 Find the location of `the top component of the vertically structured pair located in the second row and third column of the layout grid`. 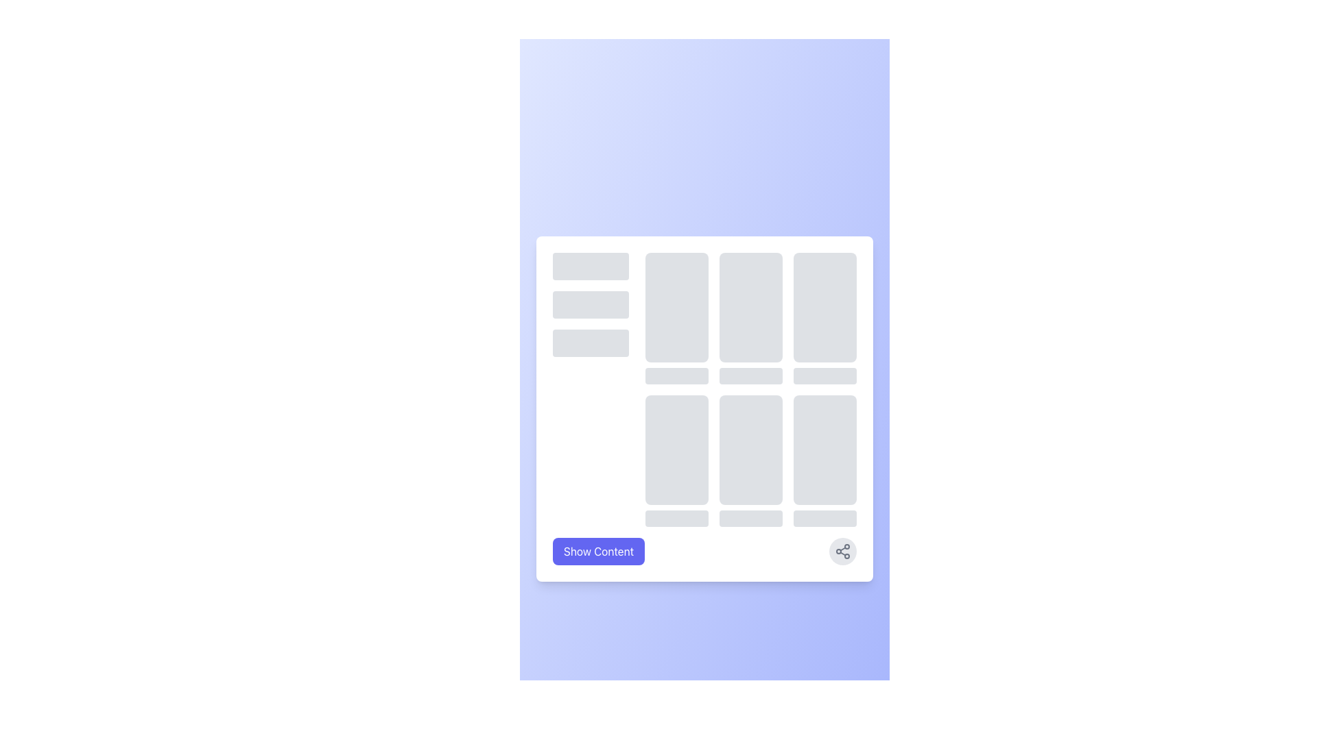

the top component of the vertically structured pair located in the second row and third column of the layout grid is located at coordinates (676, 449).